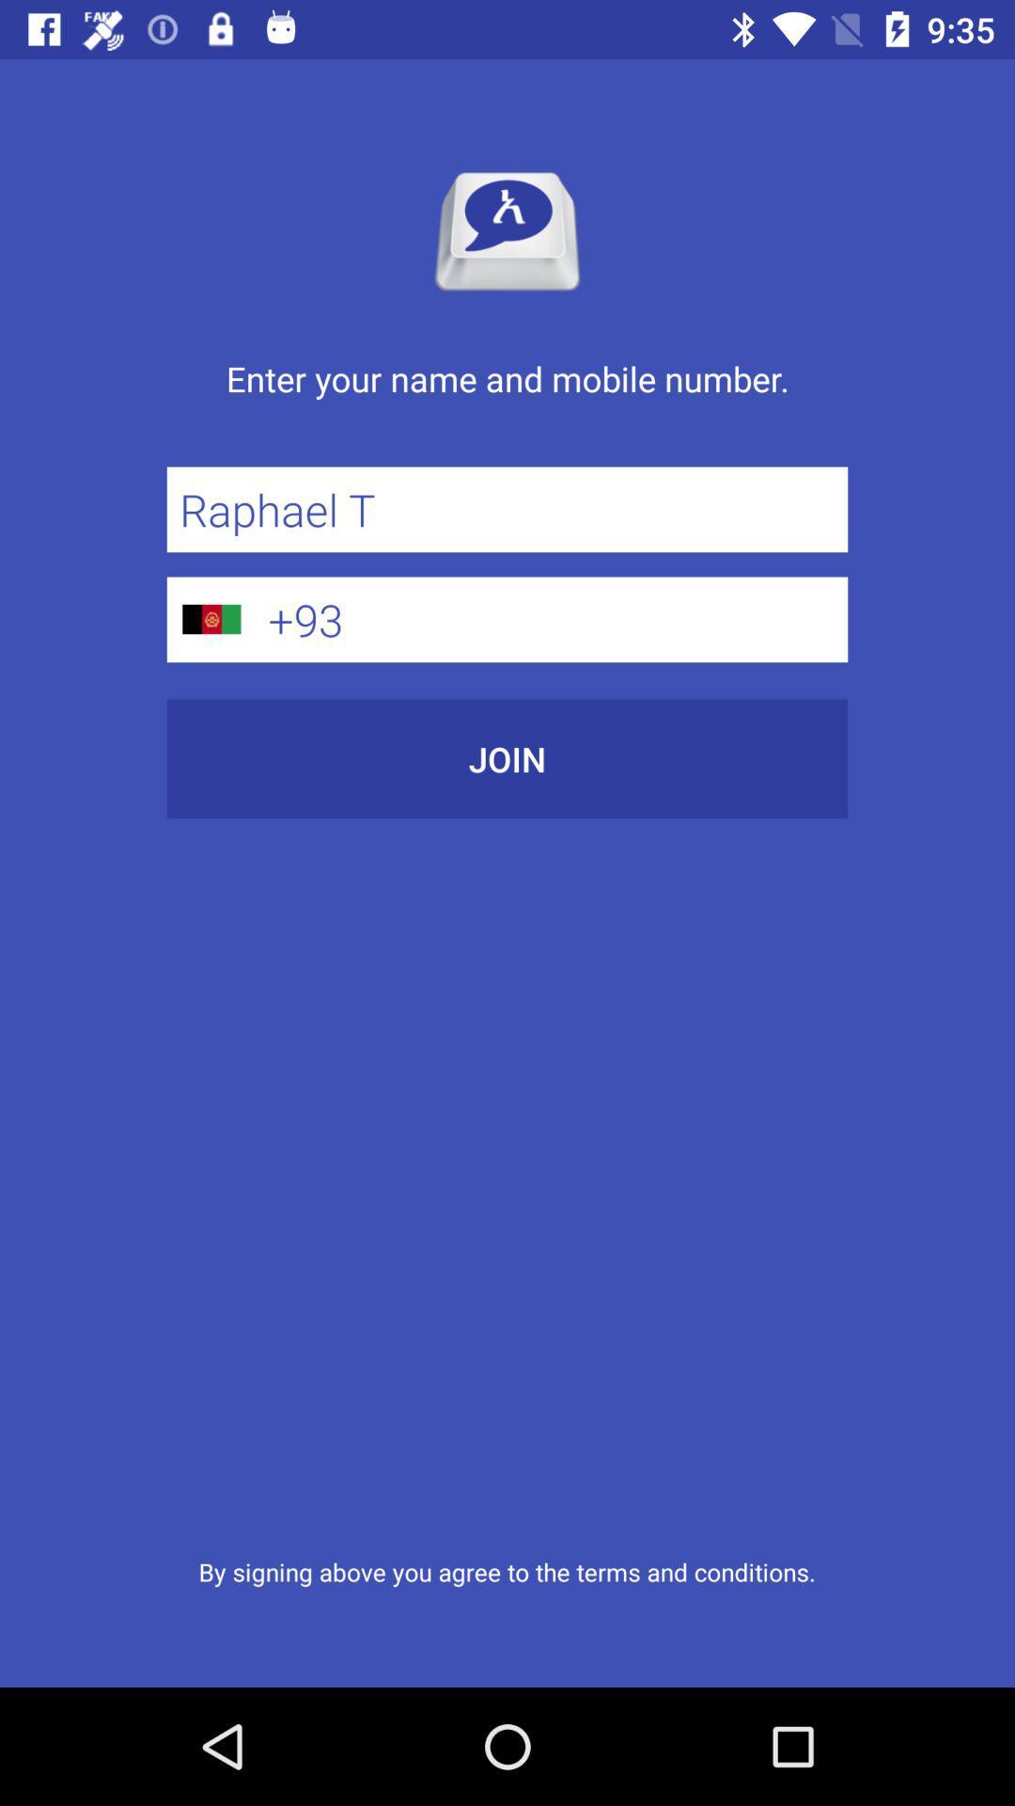 This screenshot has width=1015, height=1806. I want to click on the by signing above icon, so click(506, 1572).